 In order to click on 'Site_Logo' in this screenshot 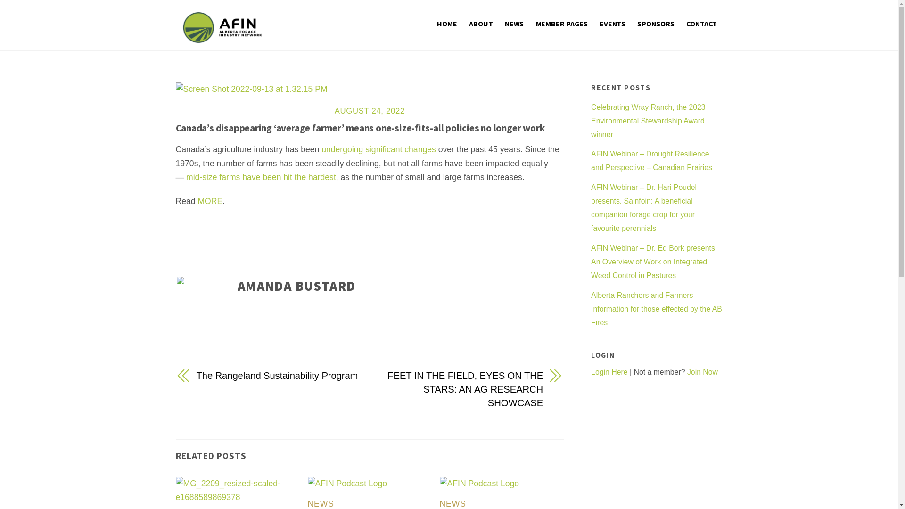, I will do `click(222, 27)`.